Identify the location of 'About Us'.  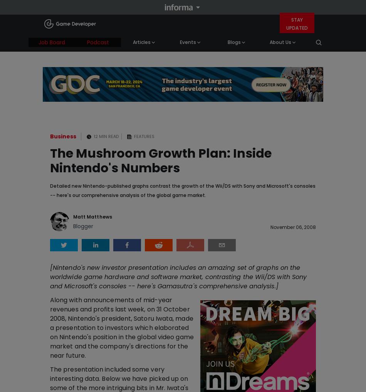
(280, 42).